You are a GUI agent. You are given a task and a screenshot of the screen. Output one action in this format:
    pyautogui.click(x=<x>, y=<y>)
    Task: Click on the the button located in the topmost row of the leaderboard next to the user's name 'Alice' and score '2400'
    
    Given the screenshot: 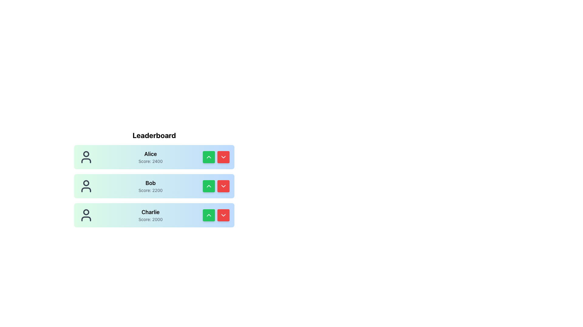 What is the action you would take?
    pyautogui.click(x=209, y=157)
    